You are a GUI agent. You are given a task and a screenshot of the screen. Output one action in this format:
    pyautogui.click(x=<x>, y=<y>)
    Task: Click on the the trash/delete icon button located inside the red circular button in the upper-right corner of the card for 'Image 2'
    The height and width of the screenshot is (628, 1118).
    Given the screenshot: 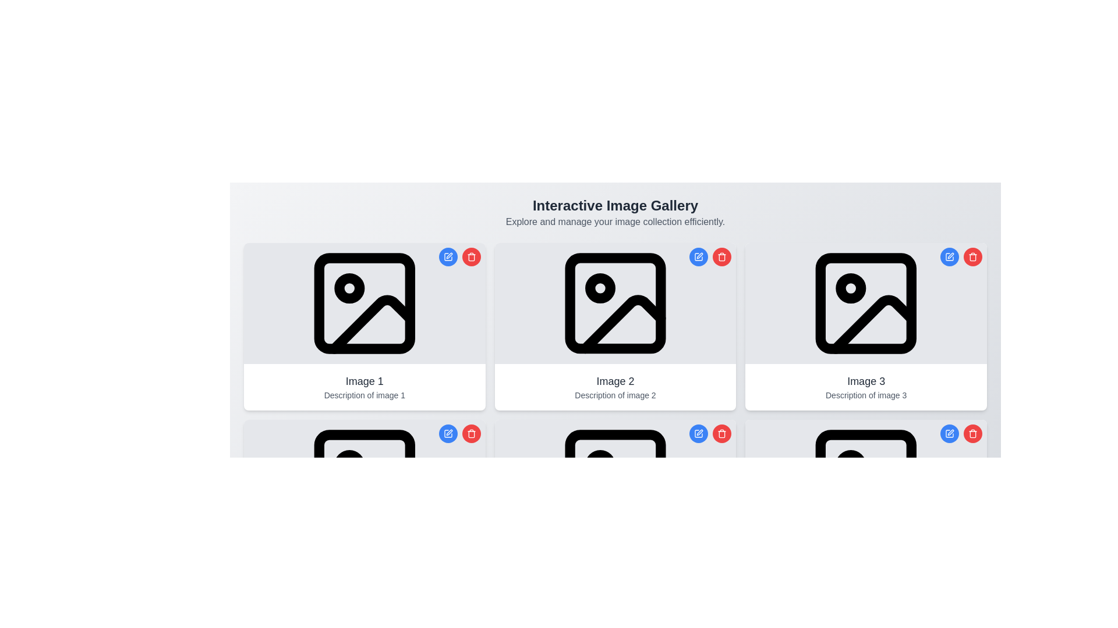 What is the action you would take?
    pyautogui.click(x=721, y=256)
    